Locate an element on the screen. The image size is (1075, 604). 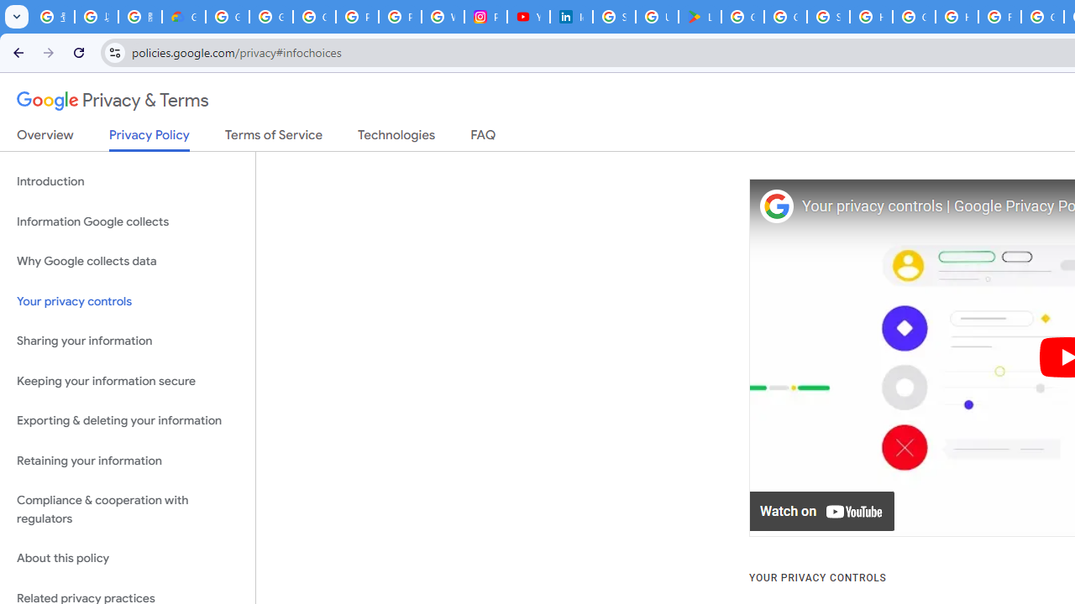
'Compliance & cooperation with regulators' is located at coordinates (127, 509).